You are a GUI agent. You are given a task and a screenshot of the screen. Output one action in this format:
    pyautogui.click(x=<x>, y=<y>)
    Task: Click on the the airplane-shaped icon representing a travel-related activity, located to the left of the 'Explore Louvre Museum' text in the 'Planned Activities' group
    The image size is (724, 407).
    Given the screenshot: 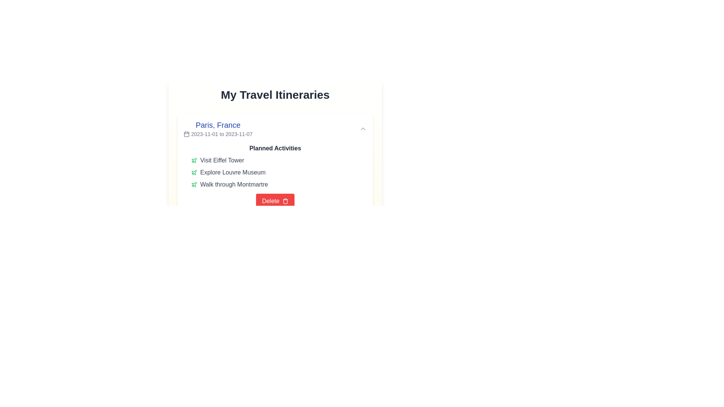 What is the action you would take?
    pyautogui.click(x=194, y=173)
    